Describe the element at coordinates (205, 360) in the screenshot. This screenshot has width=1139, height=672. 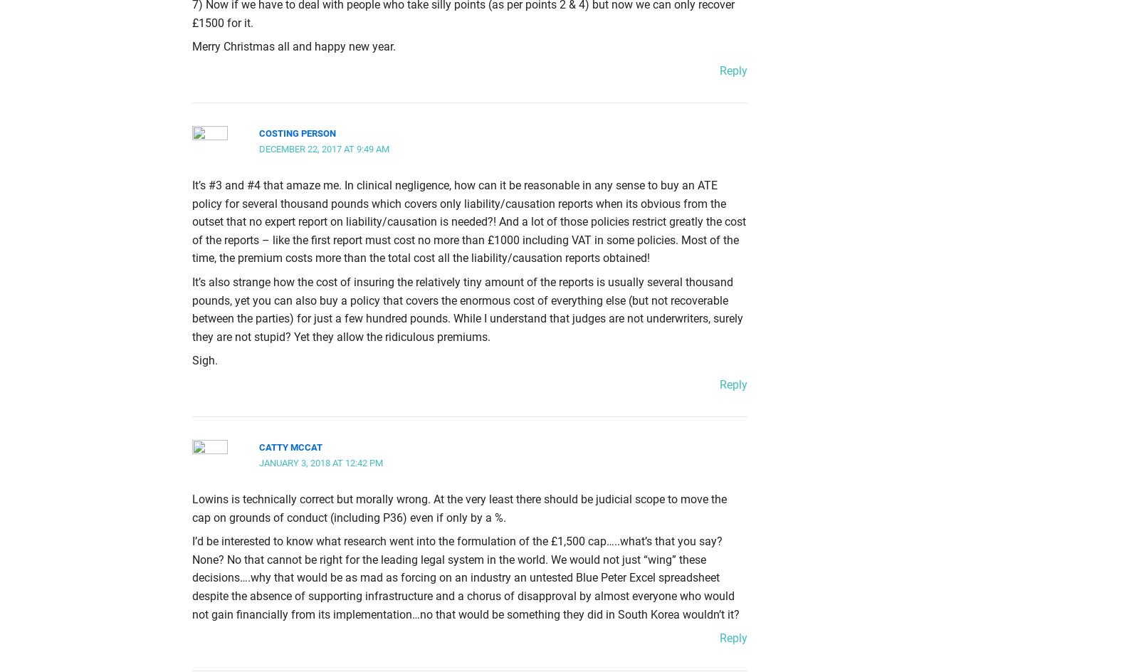
I see `'Sigh.'` at that location.